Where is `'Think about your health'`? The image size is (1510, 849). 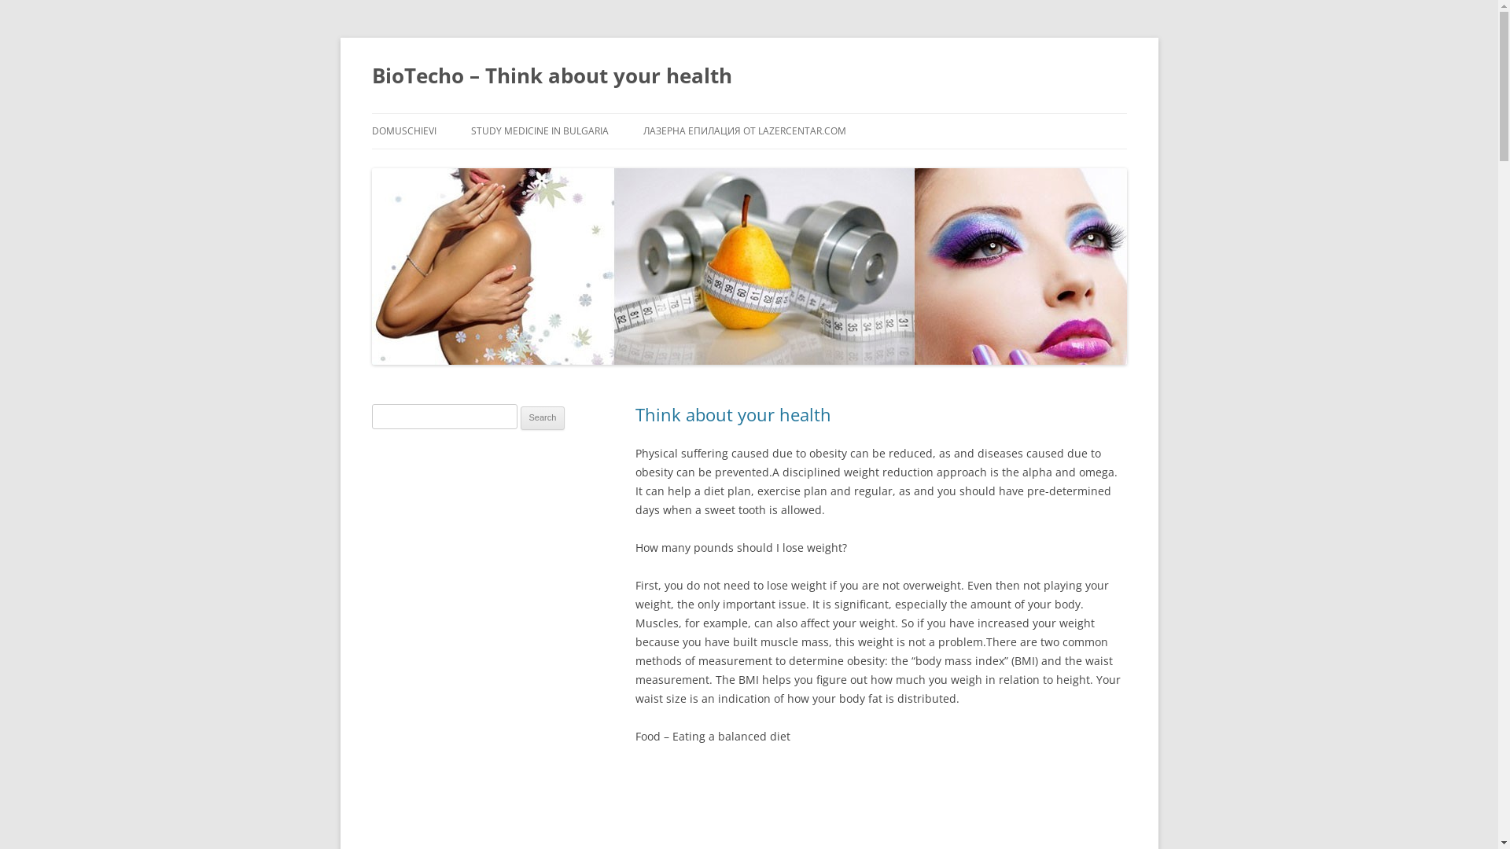
'Think about your health' is located at coordinates (732, 413).